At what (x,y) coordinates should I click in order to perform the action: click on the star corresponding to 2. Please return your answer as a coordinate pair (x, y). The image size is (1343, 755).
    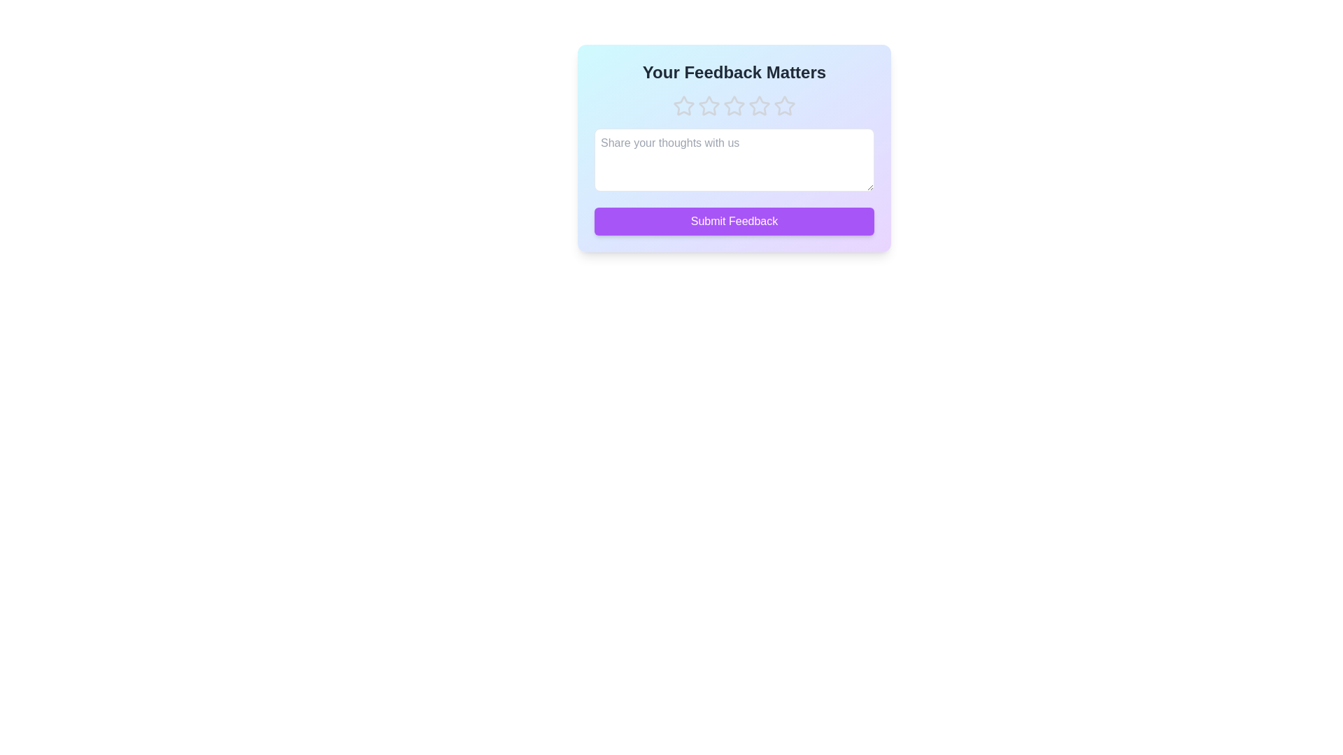
    Looking at the image, I should click on (709, 105).